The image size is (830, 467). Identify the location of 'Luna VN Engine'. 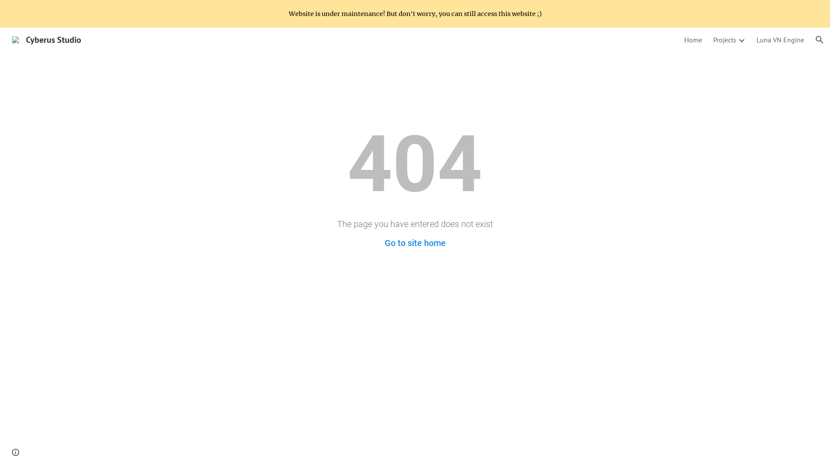
(780, 40).